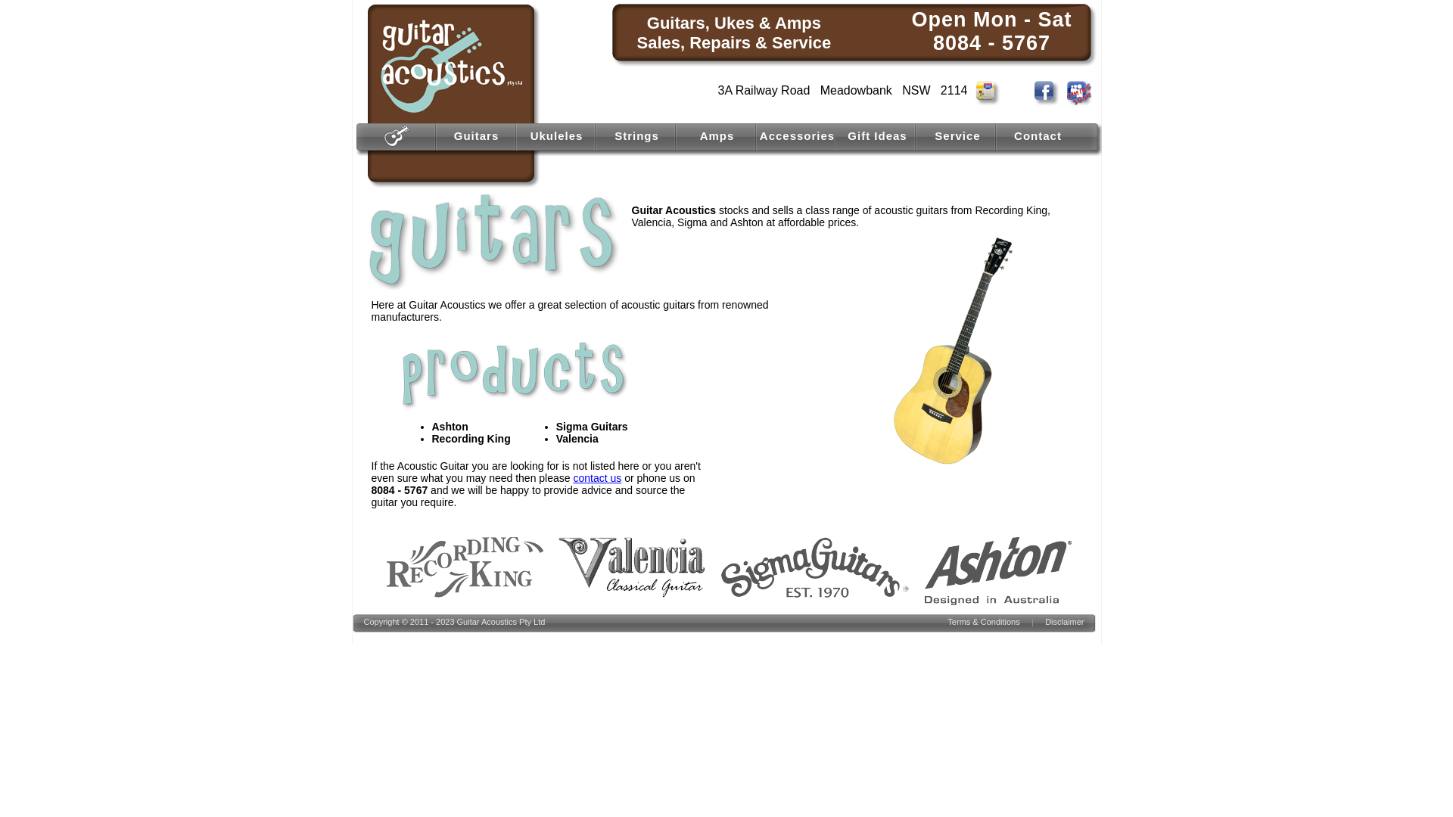 This screenshot has width=1453, height=817. What do you see at coordinates (1037, 135) in the screenshot?
I see `'Contact'` at bounding box center [1037, 135].